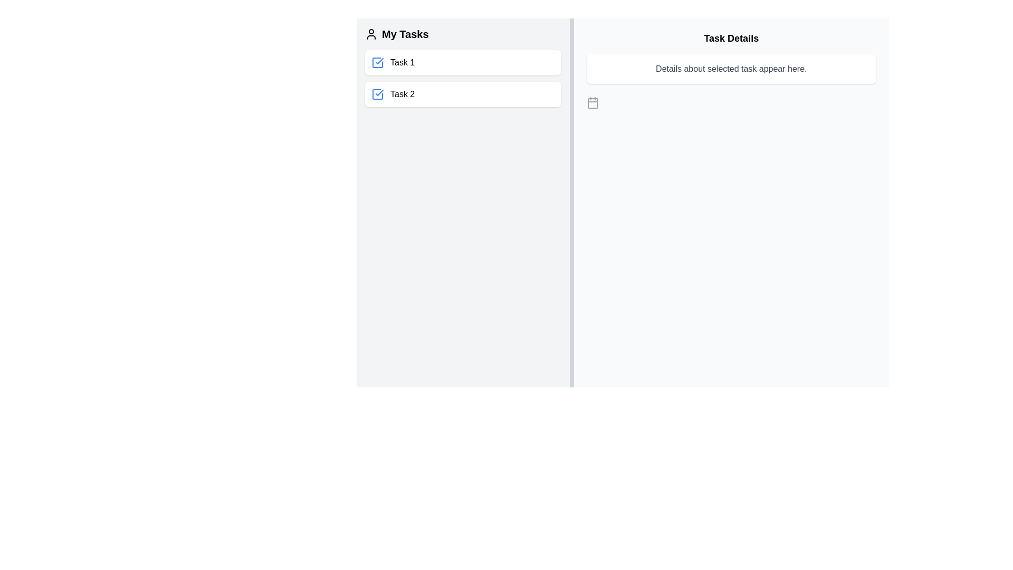  I want to click on the calendar icon located in the right-hand panel under the 'Task Details' heading, which features a square outline with rounded corners and is rendered in a gray color scheme, so click(592, 103).